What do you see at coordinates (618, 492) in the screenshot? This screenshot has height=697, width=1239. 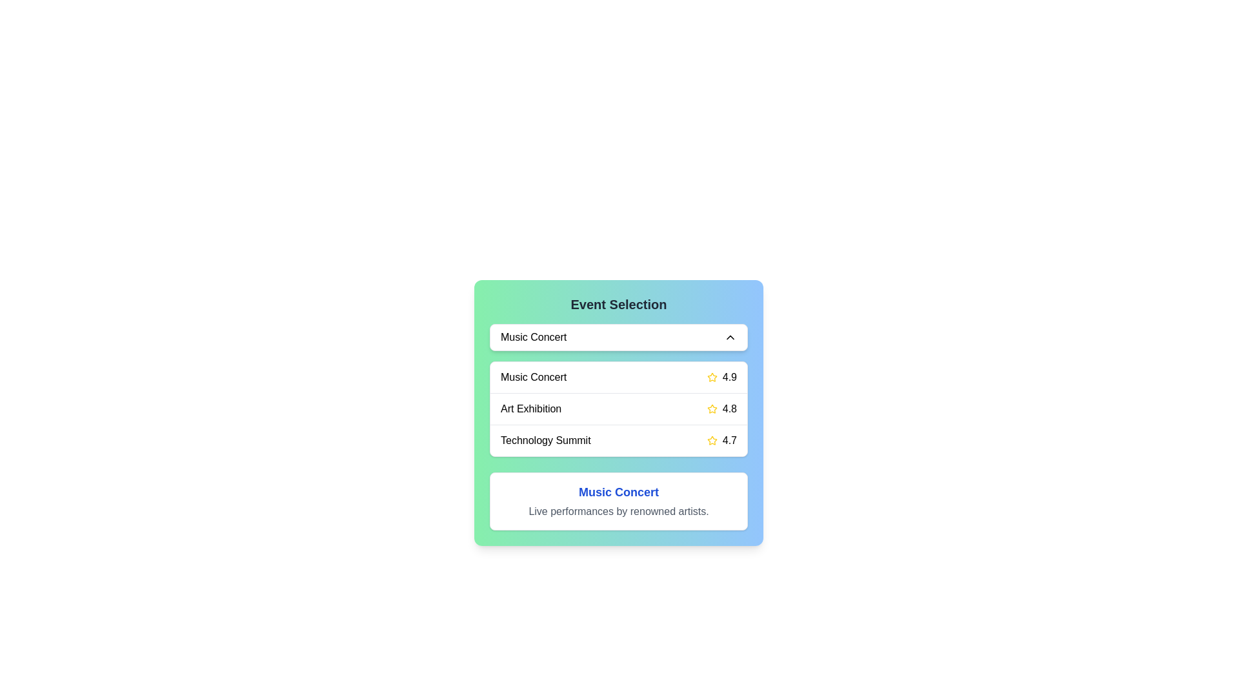 I see `text displayed in the bold, blue font stating 'Music Concert', which is emphasized as a heading above the text 'Live performances by renowned artists'` at bounding box center [618, 492].